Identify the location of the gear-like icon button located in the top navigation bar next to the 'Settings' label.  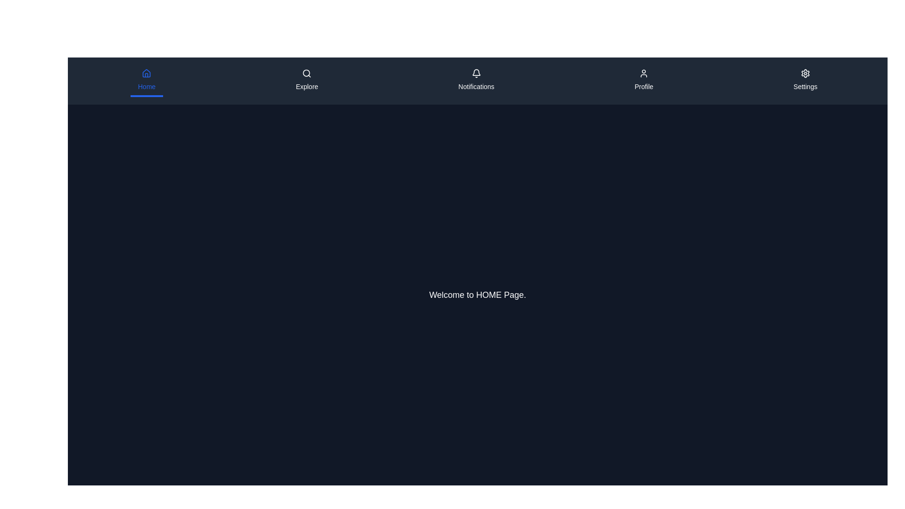
(805, 73).